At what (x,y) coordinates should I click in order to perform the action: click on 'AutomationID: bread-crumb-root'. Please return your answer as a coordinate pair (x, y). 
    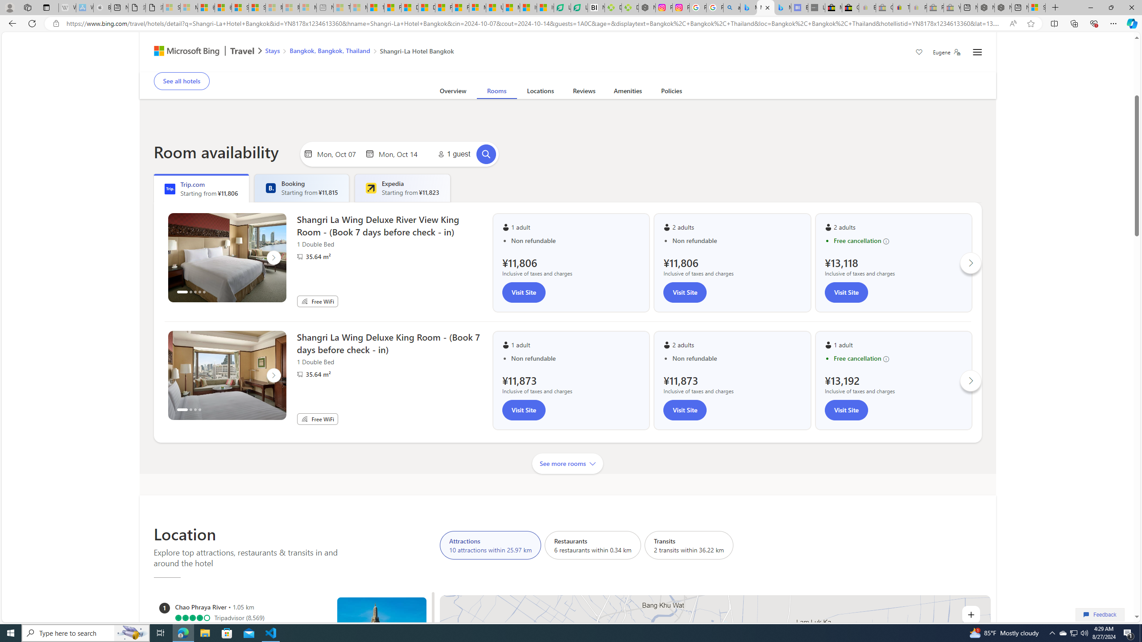
    Looking at the image, I should click on (354, 52).